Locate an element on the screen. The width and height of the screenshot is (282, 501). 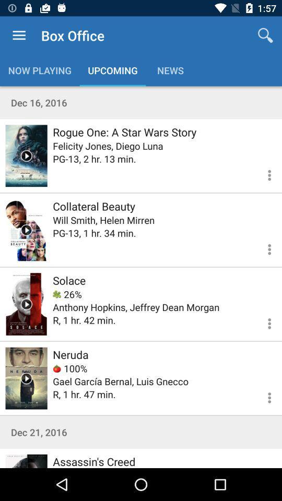
information view option is located at coordinates (263, 174).